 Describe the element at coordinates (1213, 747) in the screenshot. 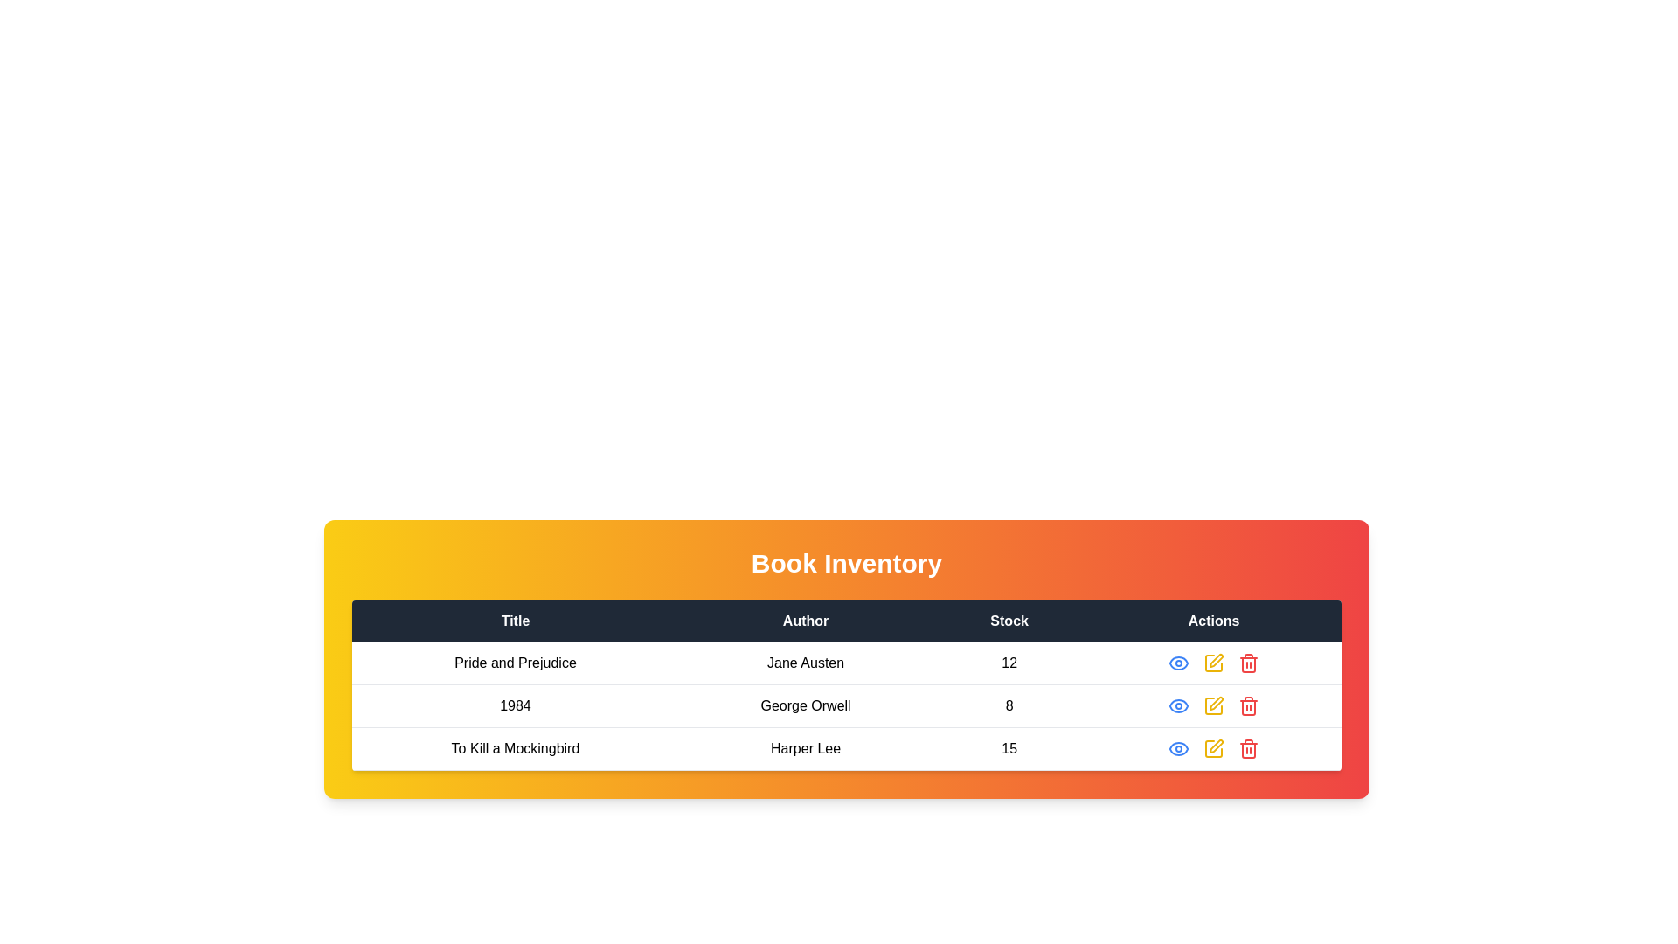

I see `the 'Edit' button located in the 'Actions' column of the third row of the table to initiate editing for the book 'To Kill a Mockingbird'` at that location.